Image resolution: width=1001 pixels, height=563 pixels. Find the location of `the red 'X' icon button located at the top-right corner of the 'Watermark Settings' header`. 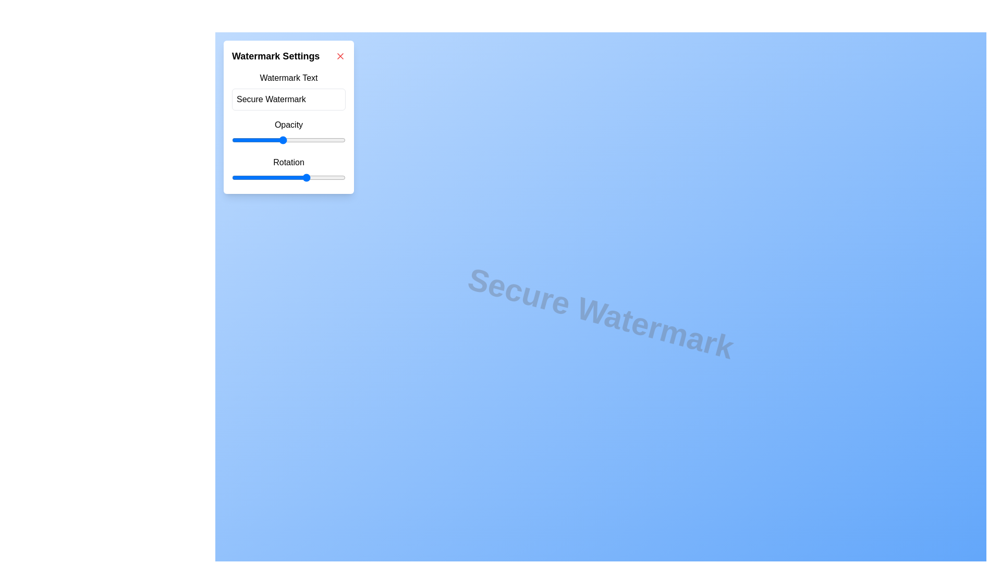

the red 'X' icon button located at the top-right corner of the 'Watermark Settings' header is located at coordinates (340, 56).